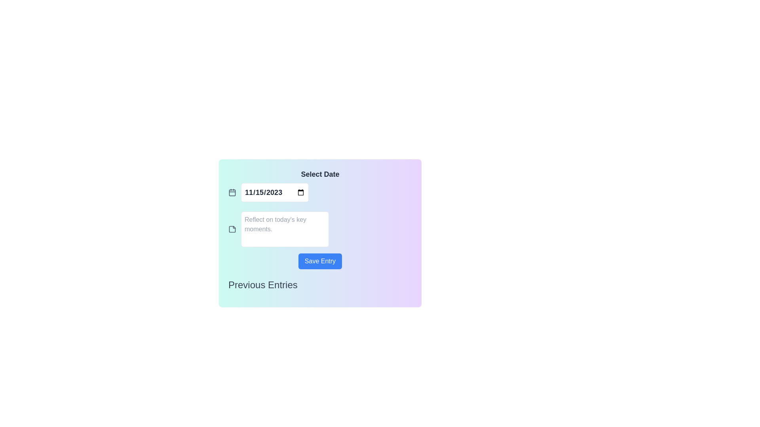 This screenshot has height=427, width=760. What do you see at coordinates (320, 261) in the screenshot?
I see `the 'Save Entry' button with rounded corners, blue background, and white text` at bounding box center [320, 261].